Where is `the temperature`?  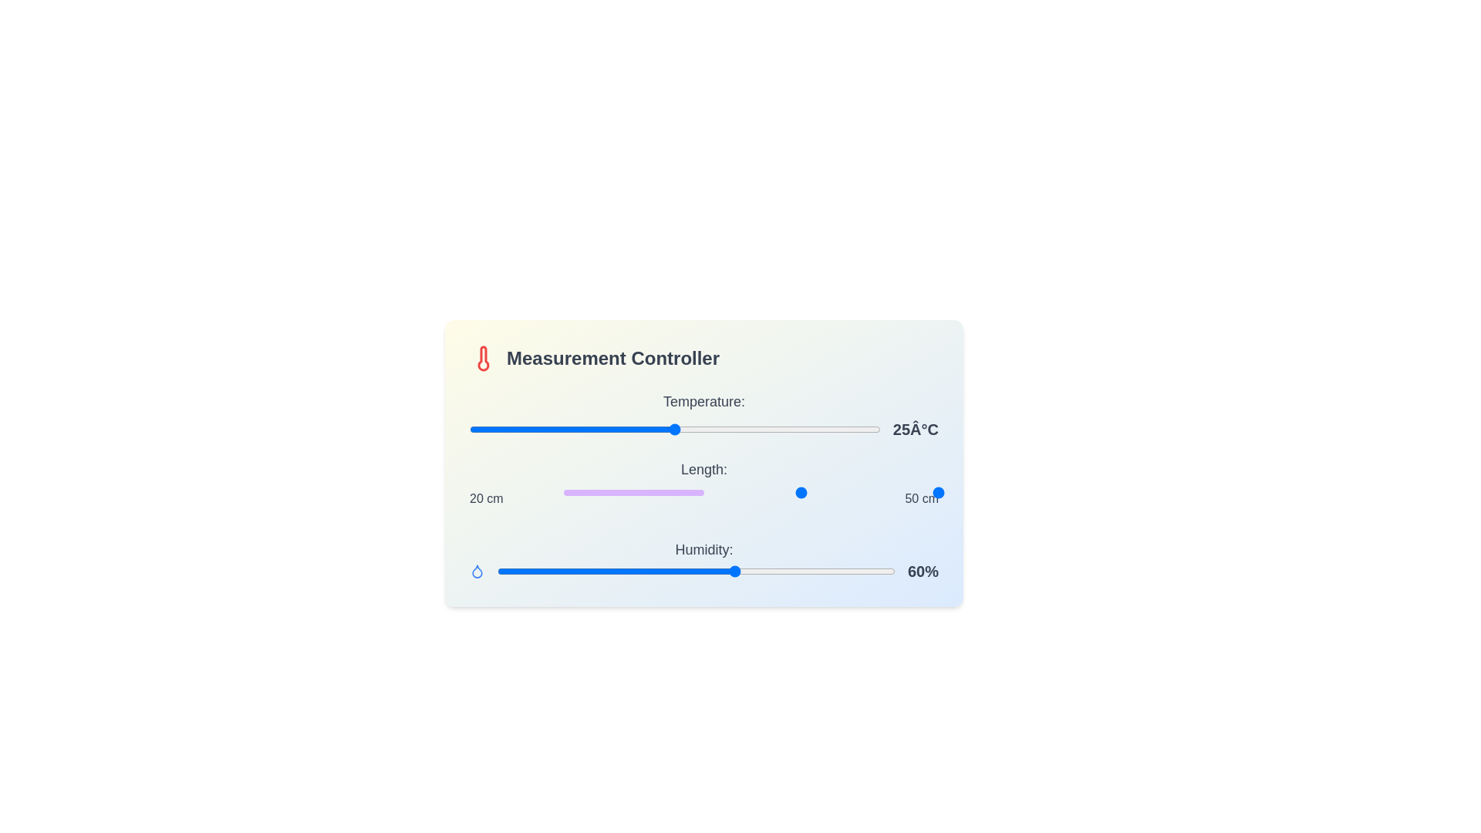
the temperature is located at coordinates (559, 429).